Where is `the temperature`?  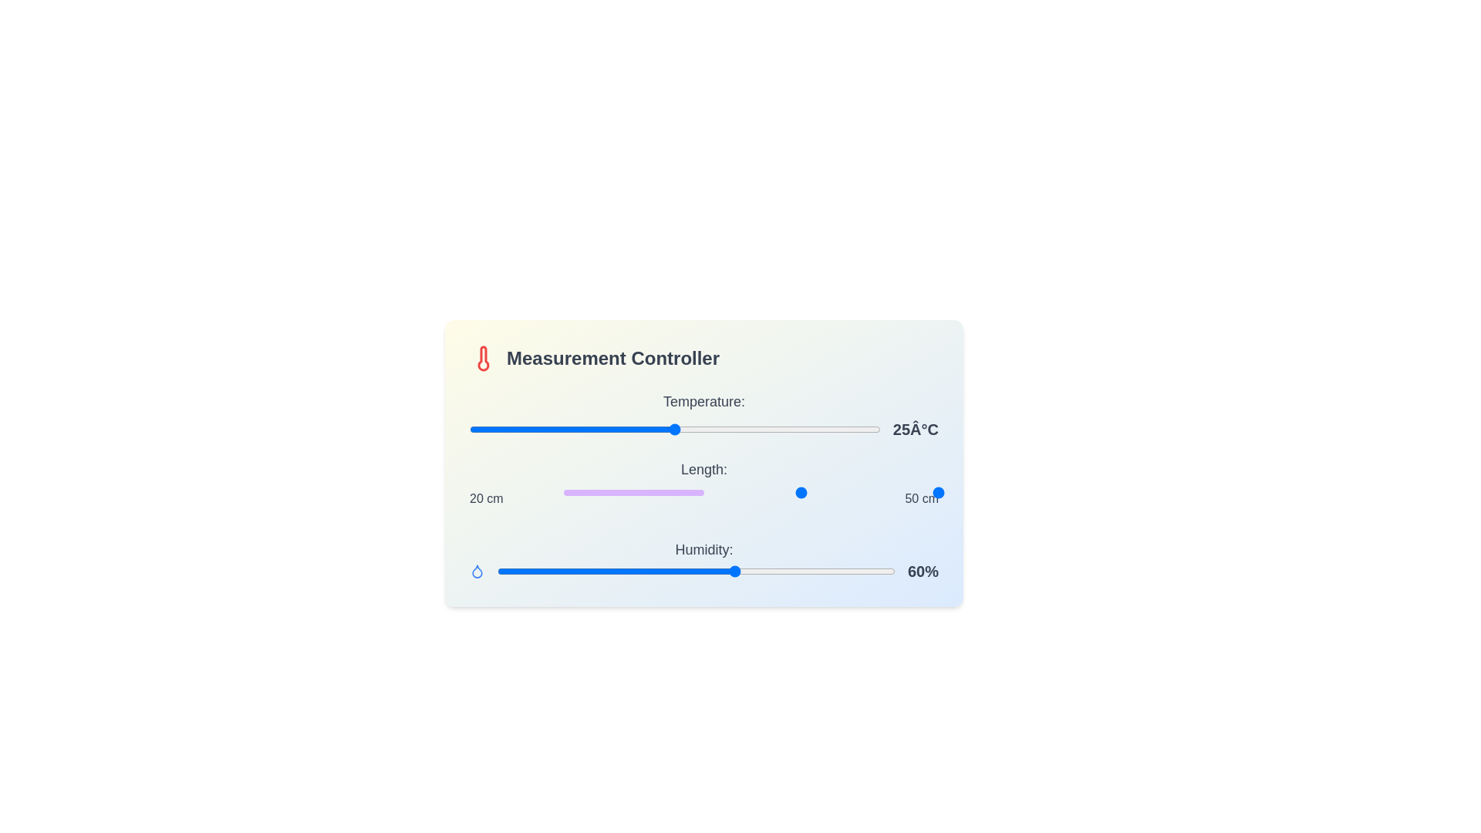
the temperature is located at coordinates (559, 429).